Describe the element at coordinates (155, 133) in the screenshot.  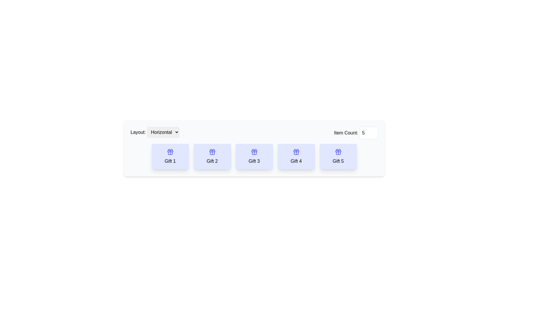
I see `the 'Layout:' dropdown menu` at that location.